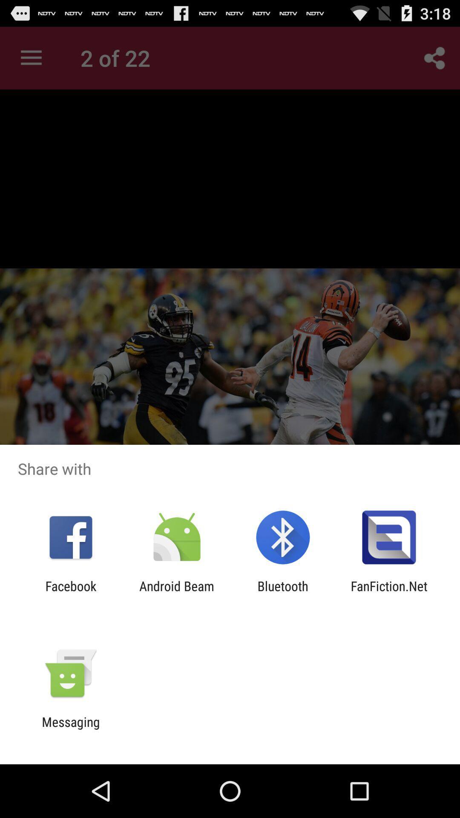 The height and width of the screenshot is (818, 460). I want to click on the bluetooth icon, so click(283, 593).